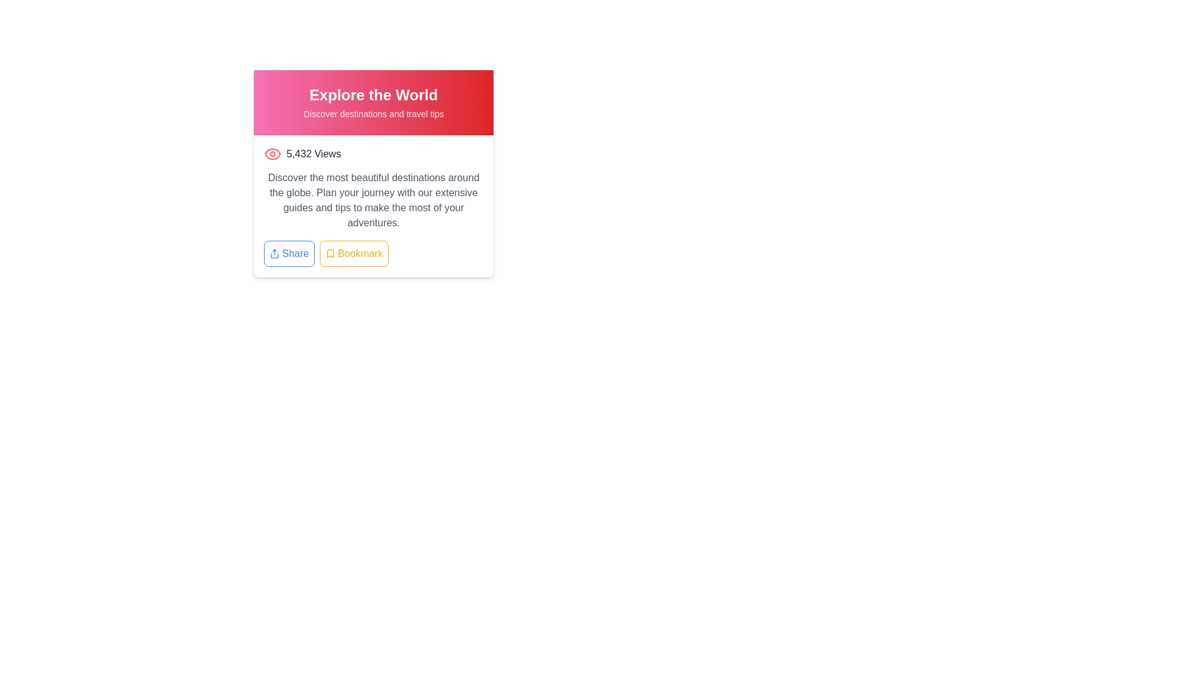 Image resolution: width=1204 pixels, height=677 pixels. Describe the element at coordinates (372, 254) in the screenshot. I see `the 'Bookmark' button, which is a rectangular button with yellow text and a bookmark icon, located towards the bottom right of the section containing the description text` at that location.